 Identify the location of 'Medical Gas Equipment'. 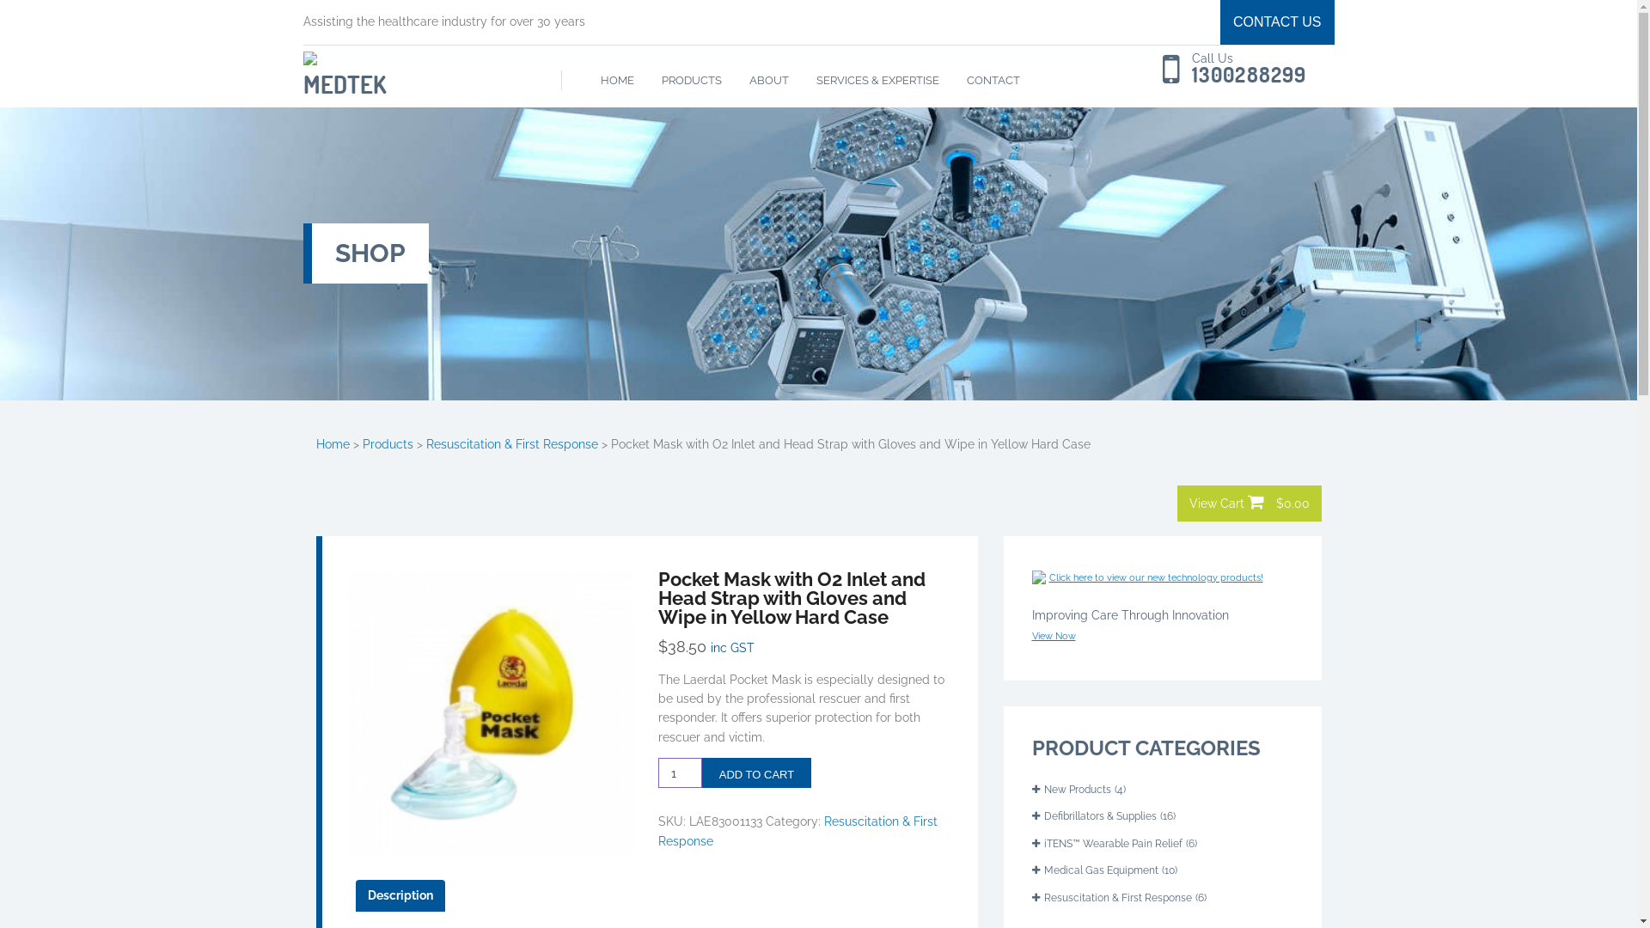
(1093, 870).